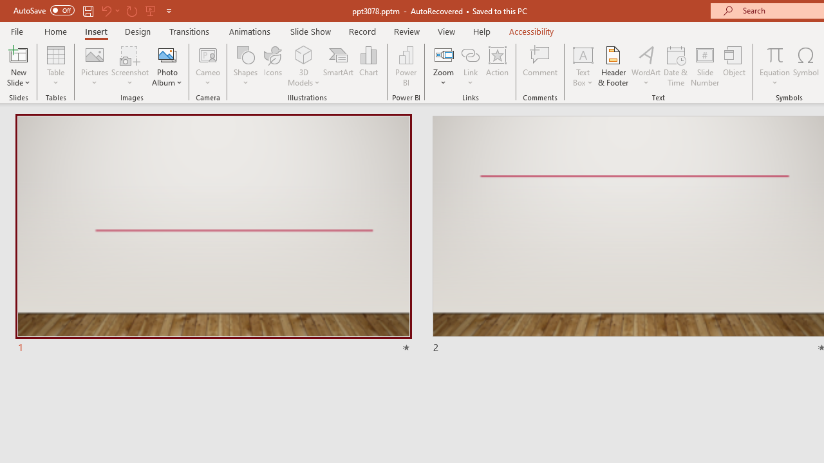 This screenshot has height=463, width=824. I want to click on 'Slide Number', so click(704, 66).